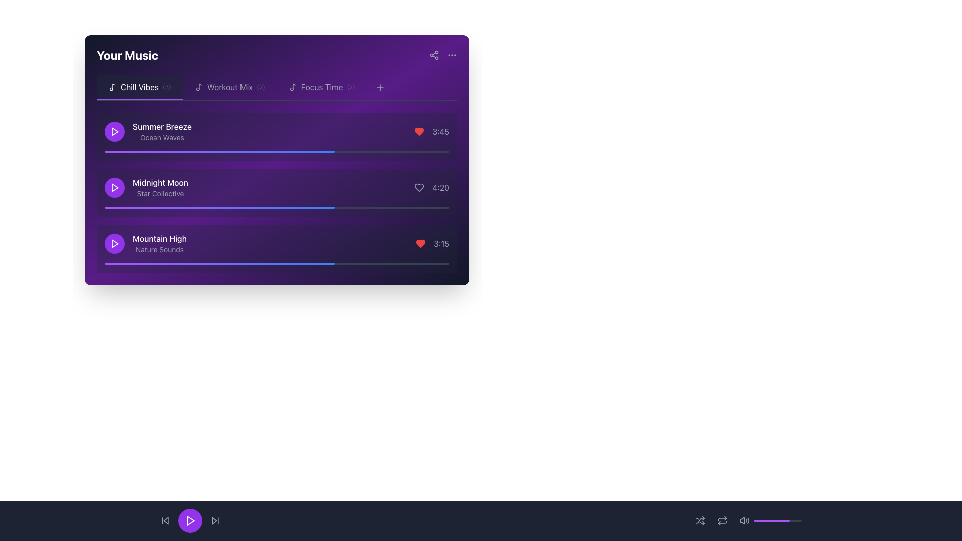 The height and width of the screenshot is (541, 962). Describe the element at coordinates (190, 520) in the screenshot. I see `the playback button` at that location.